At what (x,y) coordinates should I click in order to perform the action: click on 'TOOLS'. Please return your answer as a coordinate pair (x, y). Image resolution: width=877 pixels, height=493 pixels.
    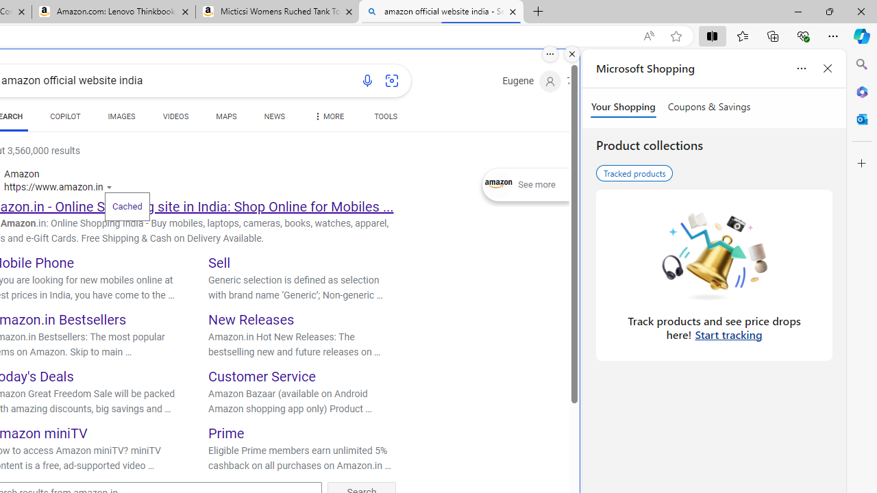
    Looking at the image, I should click on (385, 116).